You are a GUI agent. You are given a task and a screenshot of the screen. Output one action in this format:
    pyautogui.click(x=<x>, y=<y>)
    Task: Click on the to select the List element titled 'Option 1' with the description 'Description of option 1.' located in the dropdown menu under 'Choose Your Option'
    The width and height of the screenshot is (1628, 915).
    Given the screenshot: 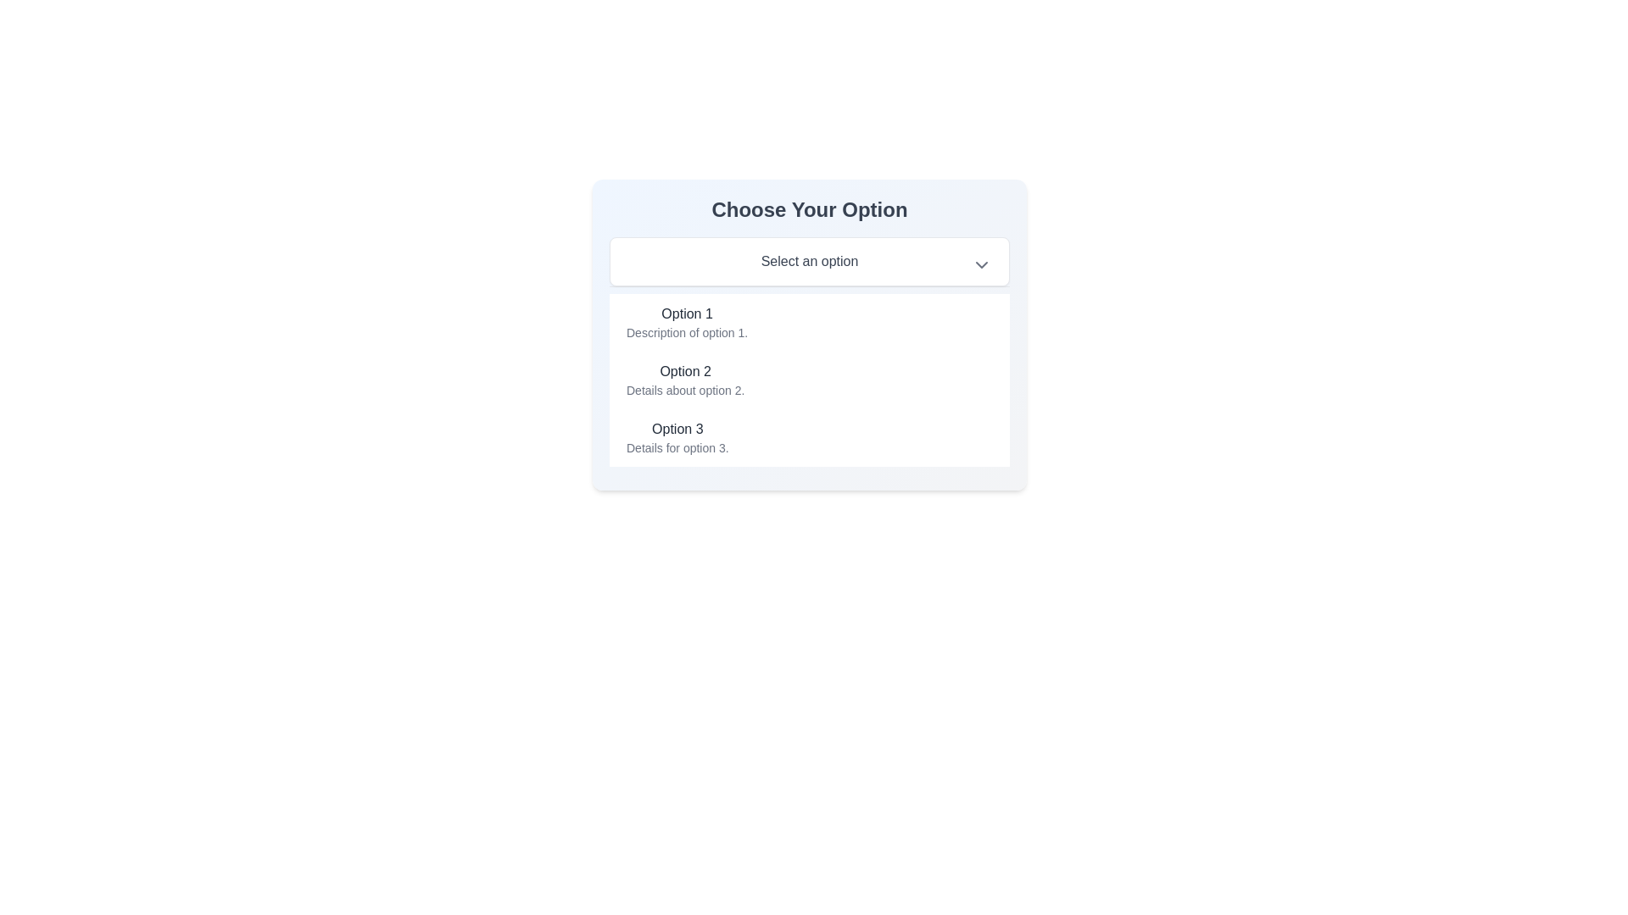 What is the action you would take?
    pyautogui.click(x=687, y=323)
    